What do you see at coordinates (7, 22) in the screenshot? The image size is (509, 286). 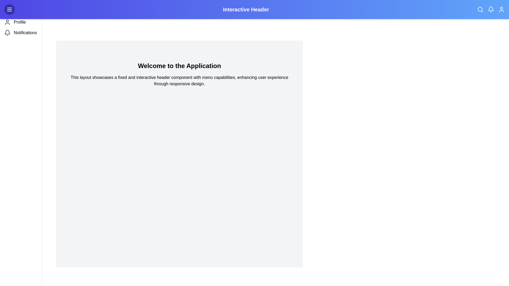 I see `the user profile icon located in the upper left sidebar before the label text 'Profile'` at bounding box center [7, 22].